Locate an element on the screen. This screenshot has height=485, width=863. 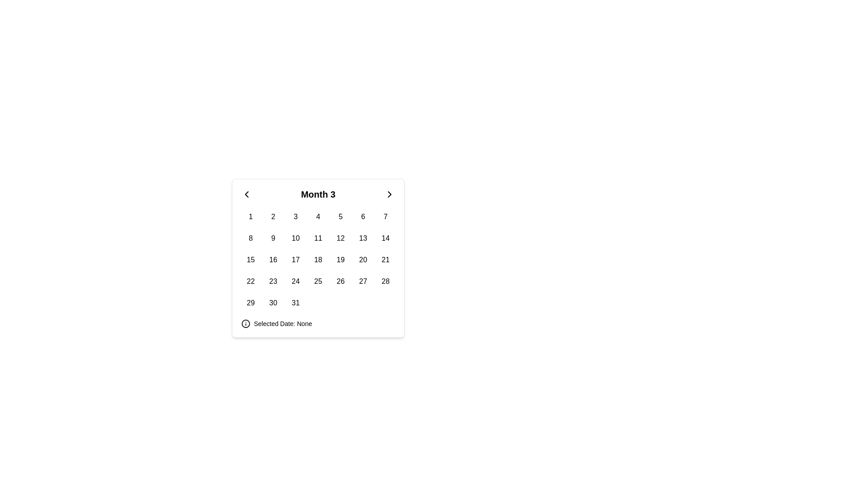
the static text label representing the date '29' in the calendar, which is located in the bottom row, first column of the grid is located at coordinates (250, 303).